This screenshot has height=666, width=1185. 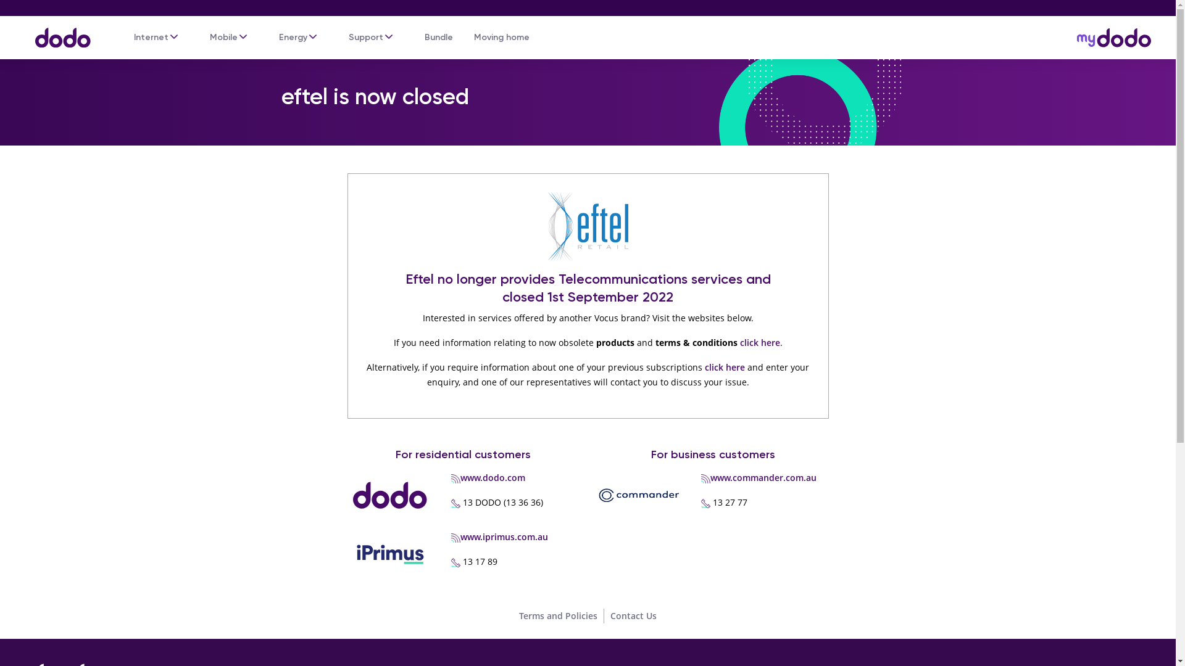 I want to click on 'Contact Us', so click(x=633, y=615).